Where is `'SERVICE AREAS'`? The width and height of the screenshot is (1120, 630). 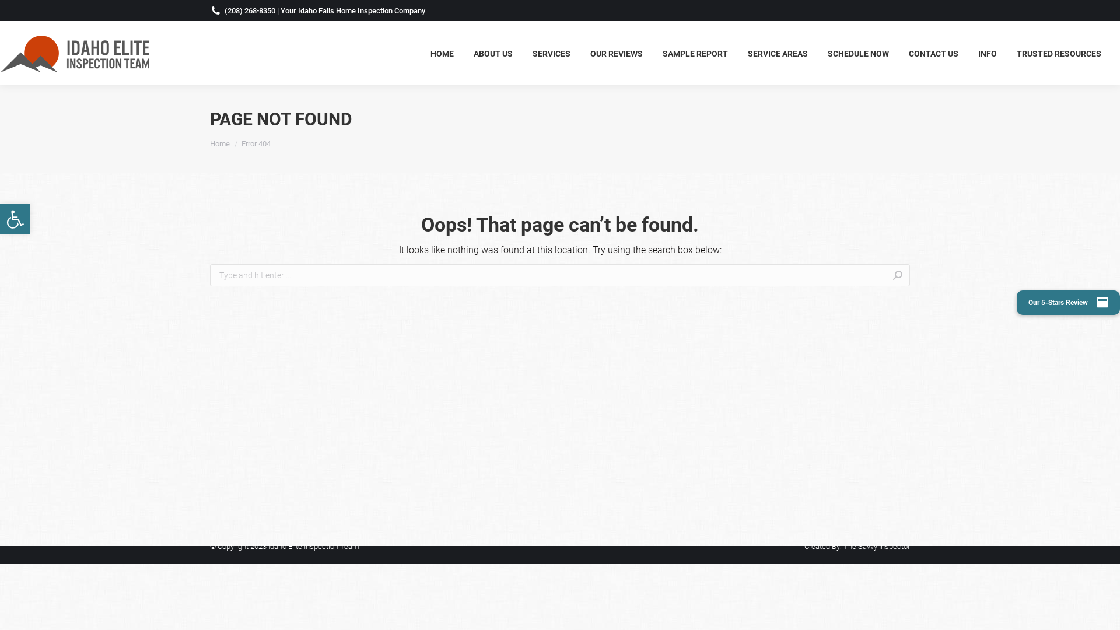 'SERVICE AREAS' is located at coordinates (778, 53).